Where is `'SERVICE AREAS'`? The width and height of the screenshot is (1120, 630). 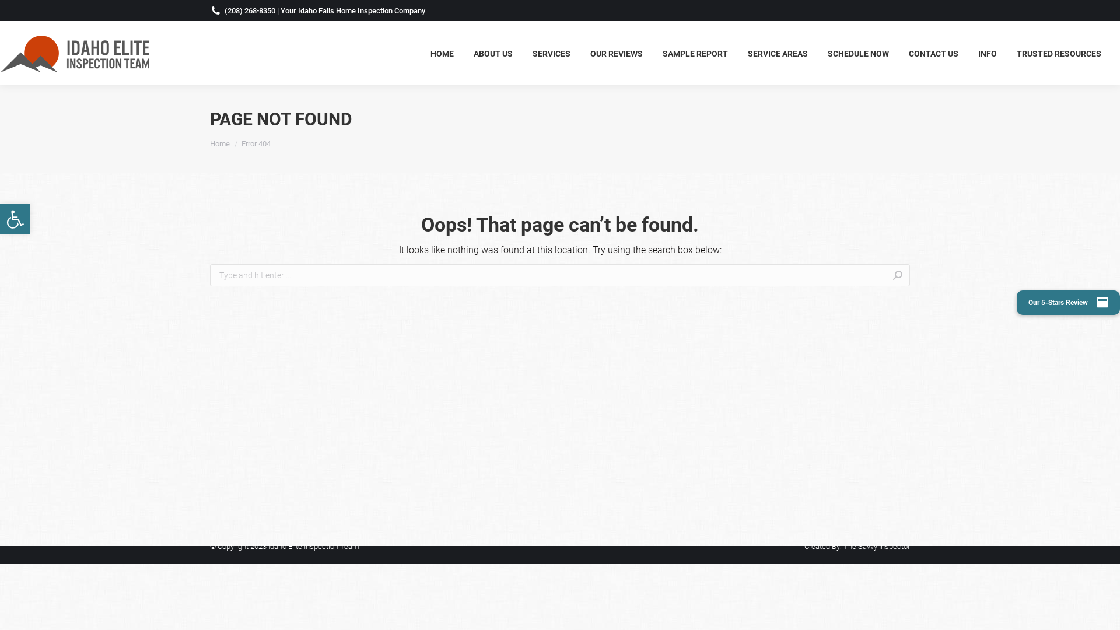 'SERVICE AREAS' is located at coordinates (778, 53).